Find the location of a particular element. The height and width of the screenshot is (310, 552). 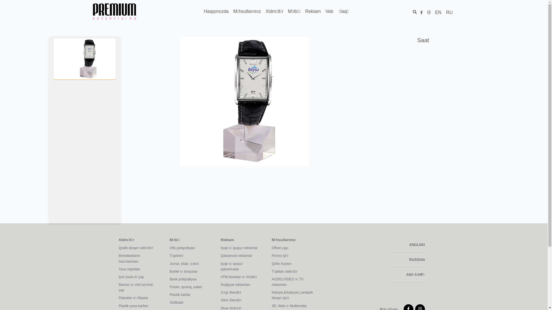

'Vizitkalar' is located at coordinates (169, 302).